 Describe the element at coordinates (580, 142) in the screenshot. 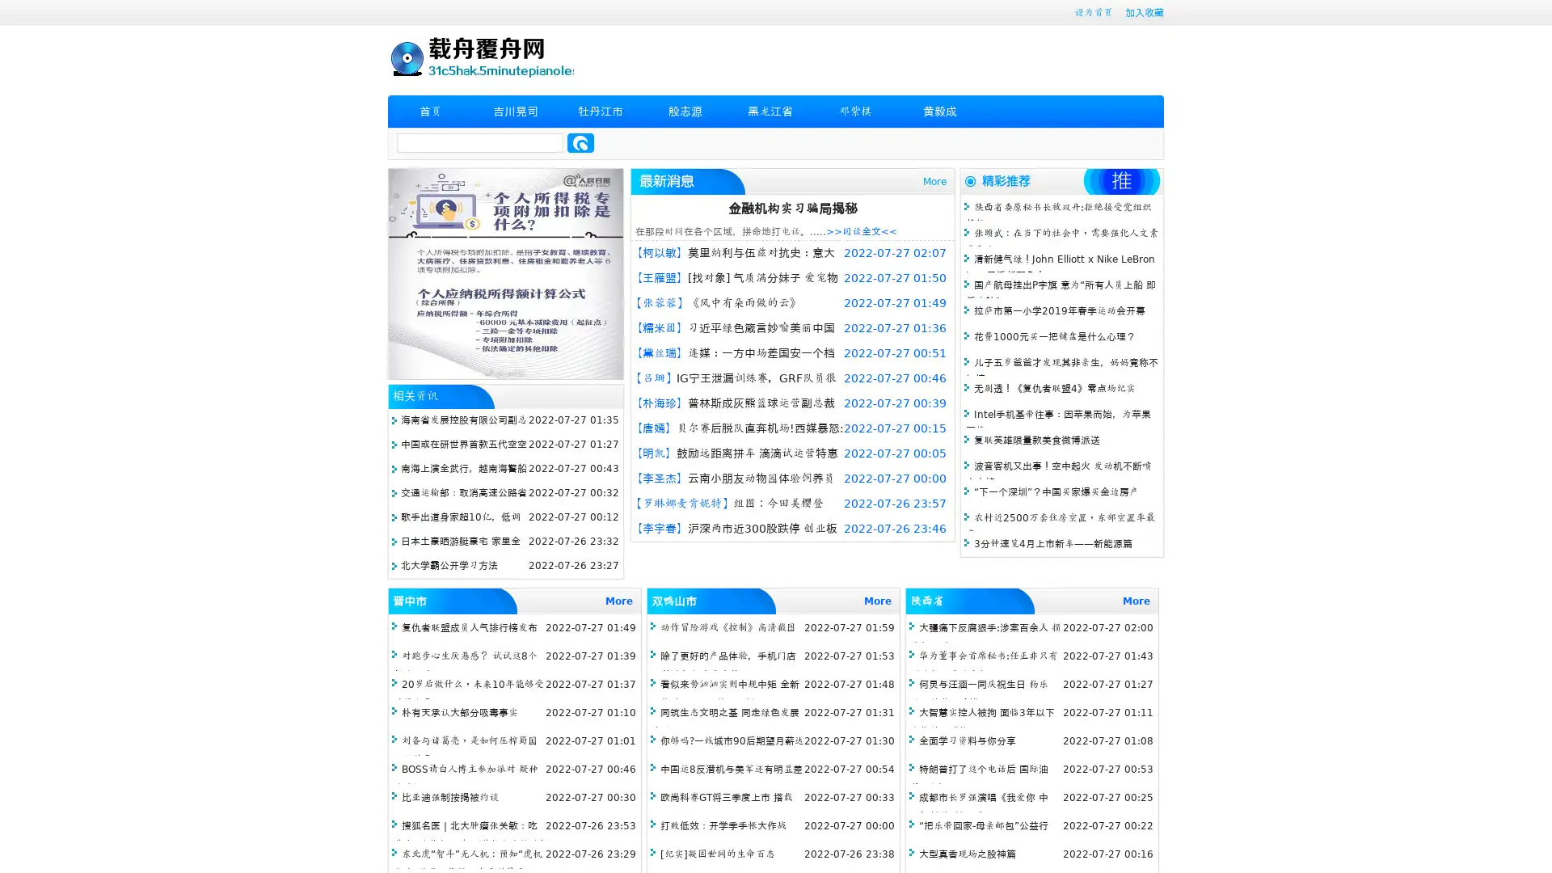

I see `Search` at that location.